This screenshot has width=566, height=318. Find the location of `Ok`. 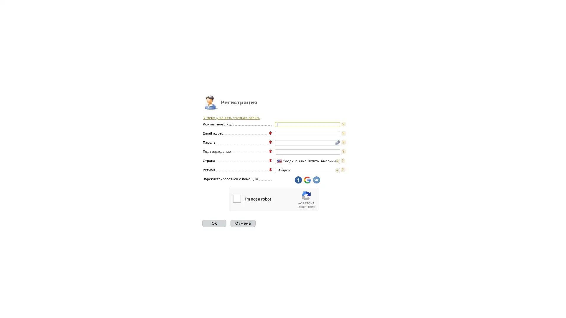

Ok is located at coordinates (214, 223).